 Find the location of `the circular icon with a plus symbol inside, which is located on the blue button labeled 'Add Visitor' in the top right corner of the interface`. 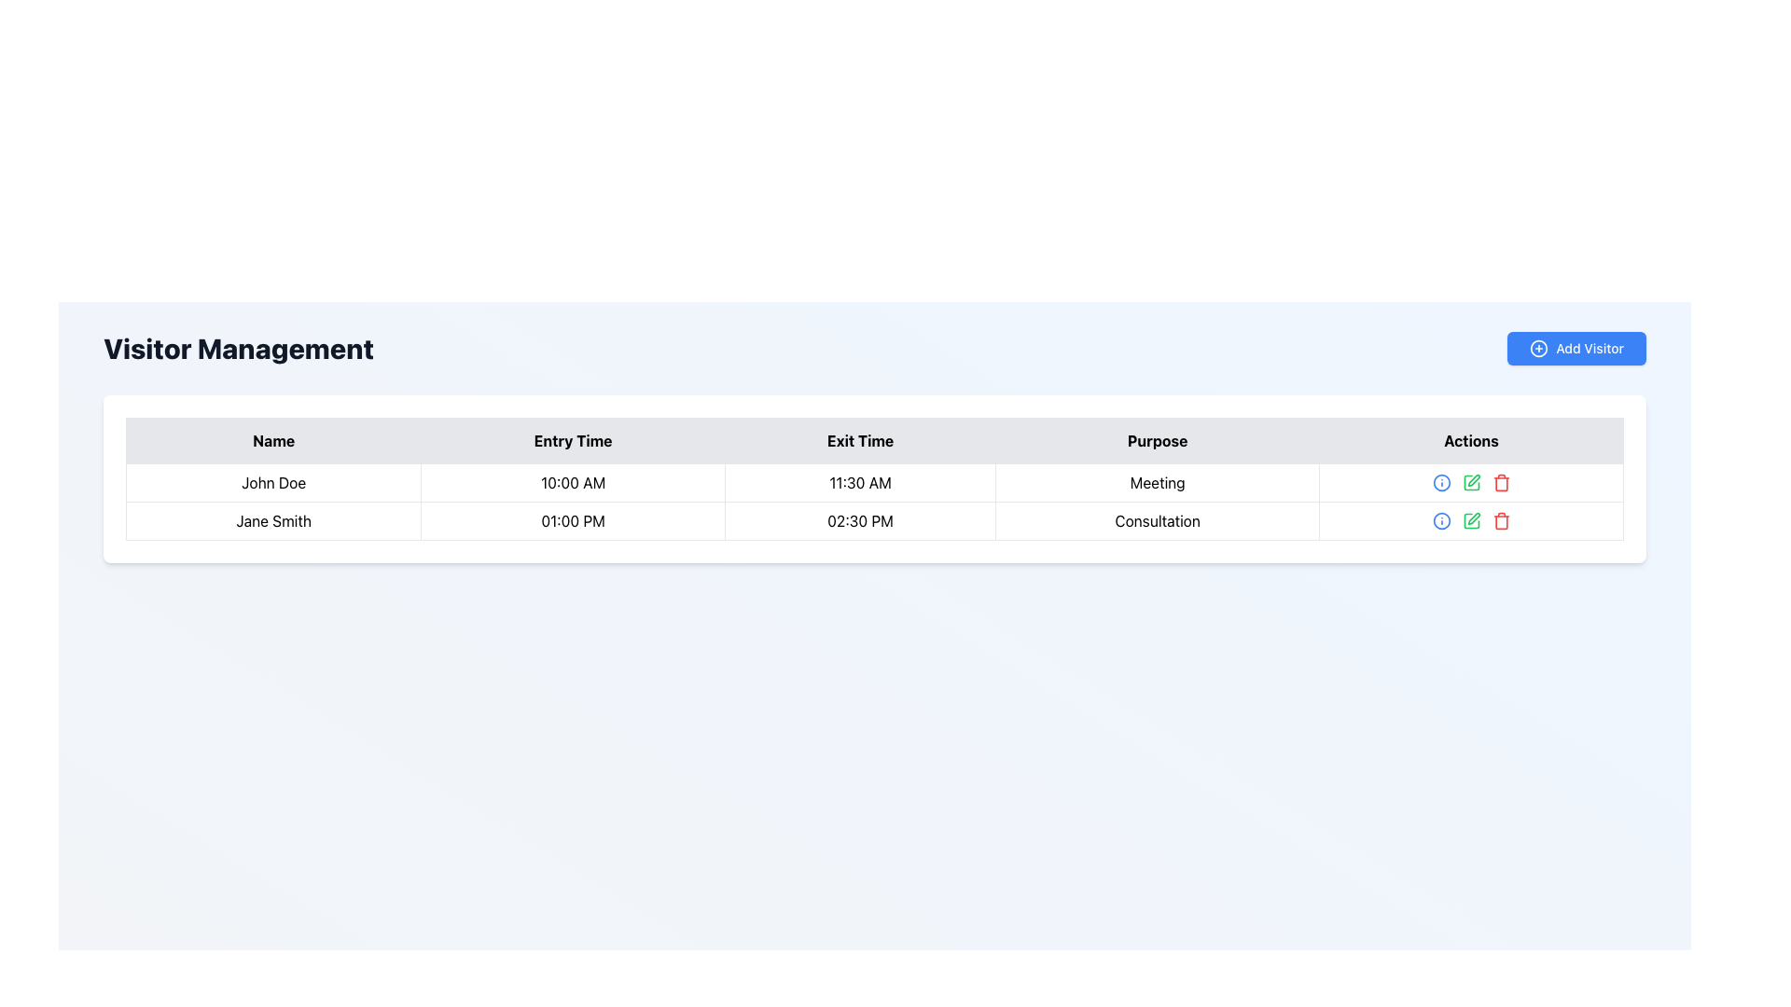

the circular icon with a plus symbol inside, which is located on the blue button labeled 'Add Visitor' in the top right corner of the interface is located at coordinates (1539, 349).